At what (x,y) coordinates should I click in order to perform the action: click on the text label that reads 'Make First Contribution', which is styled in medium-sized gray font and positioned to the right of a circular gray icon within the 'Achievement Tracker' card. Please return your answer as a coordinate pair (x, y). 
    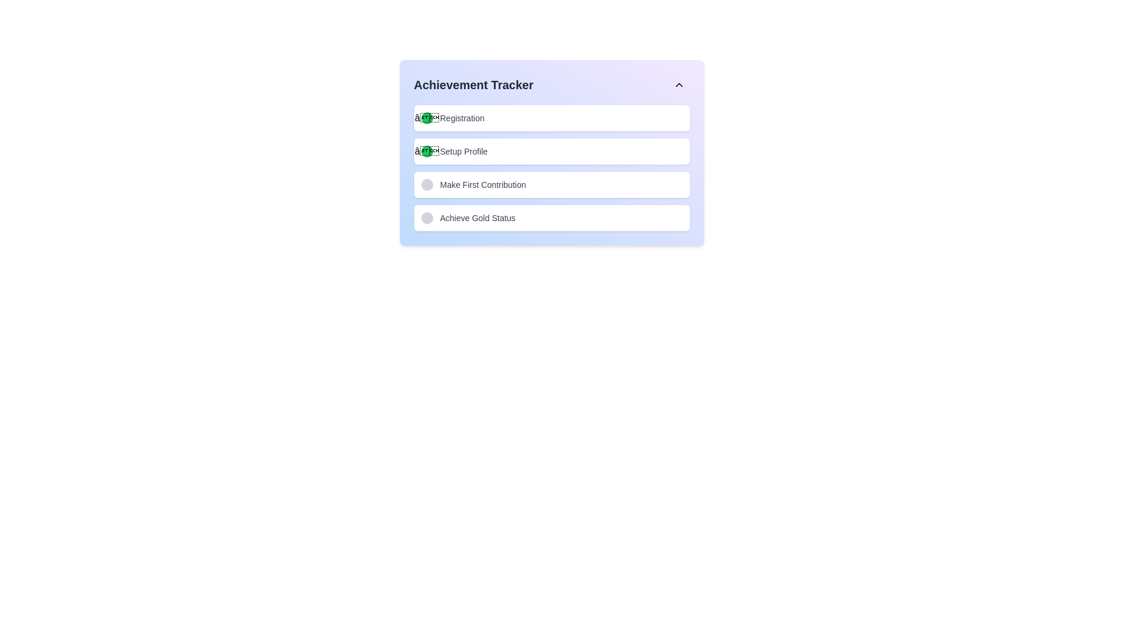
    Looking at the image, I should click on (483, 185).